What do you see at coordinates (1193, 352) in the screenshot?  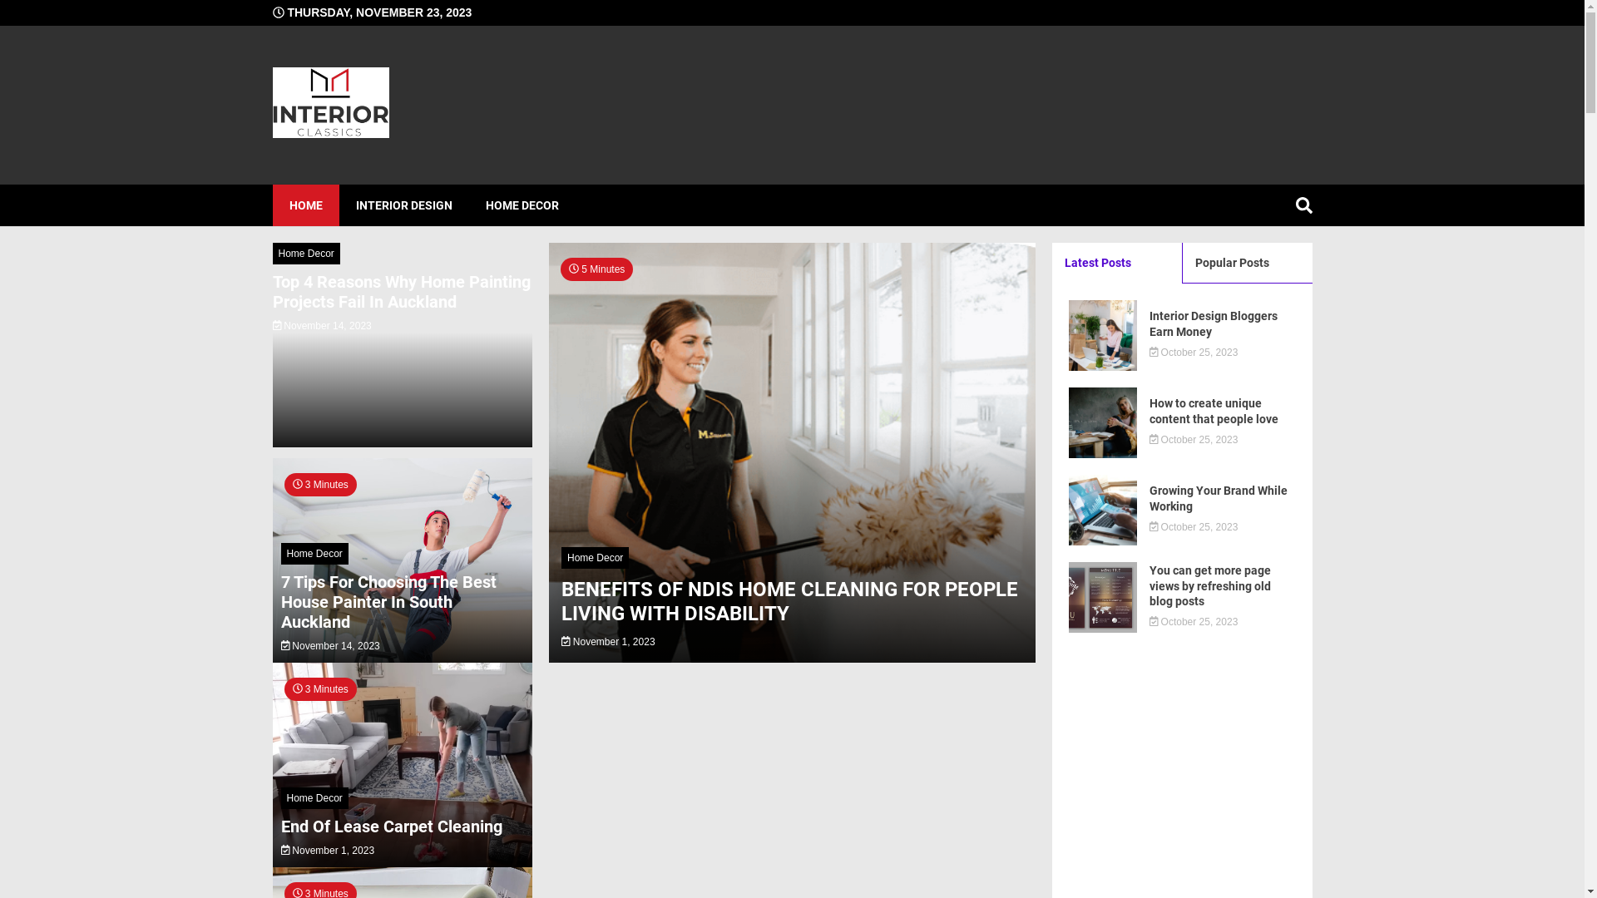 I see `'October 25, 2023'` at bounding box center [1193, 352].